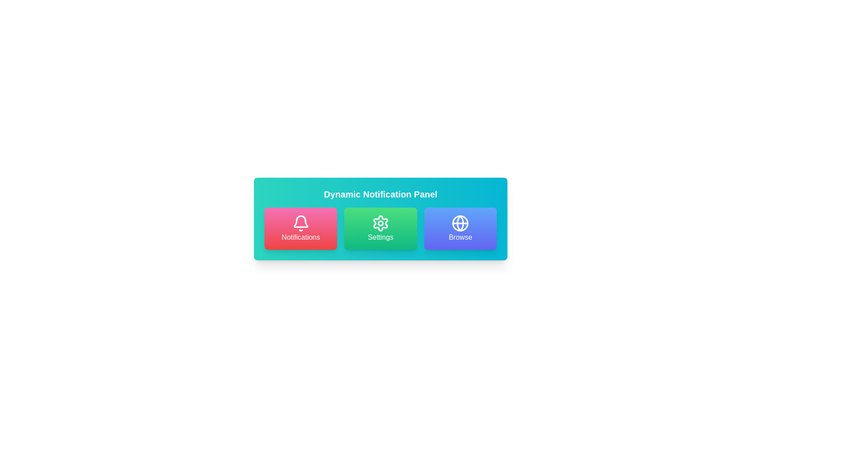 Image resolution: width=845 pixels, height=475 pixels. What do you see at coordinates (301, 228) in the screenshot?
I see `the 'Notifications' button which is a rectangular button with a pink to red gradient, featuring a white bell icon and rounded corners, located to the left of the 'Settings' and 'Browse' buttons` at bounding box center [301, 228].